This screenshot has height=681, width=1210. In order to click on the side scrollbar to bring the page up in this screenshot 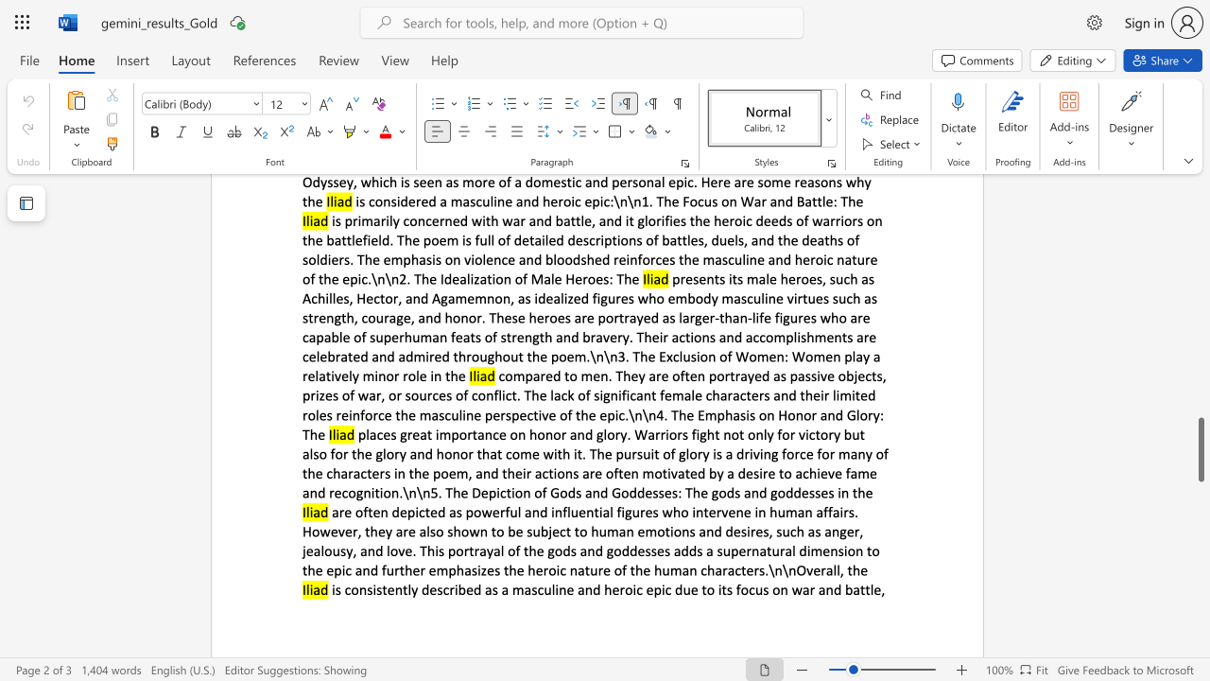, I will do `click(1200, 359)`.